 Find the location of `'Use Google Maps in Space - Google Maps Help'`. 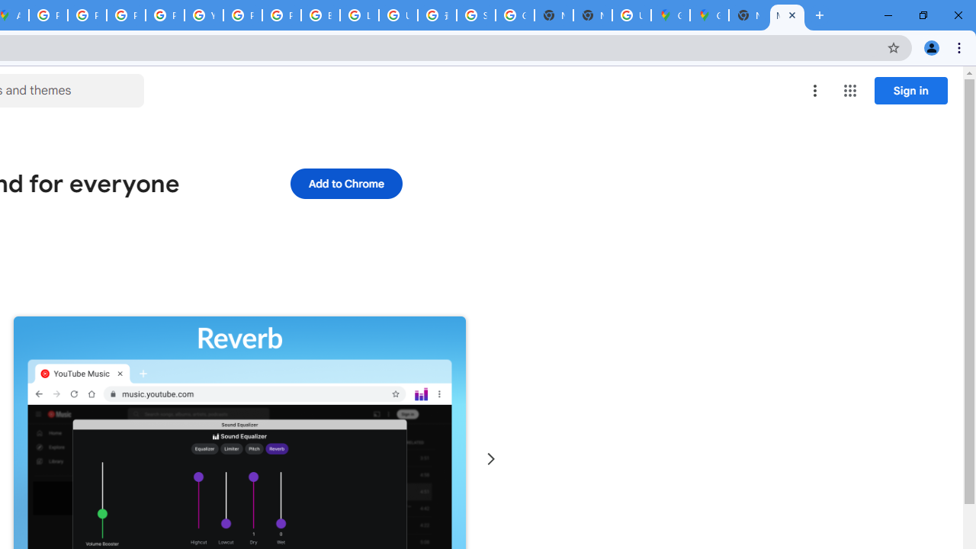

'Use Google Maps in Space - Google Maps Help' is located at coordinates (631, 15).